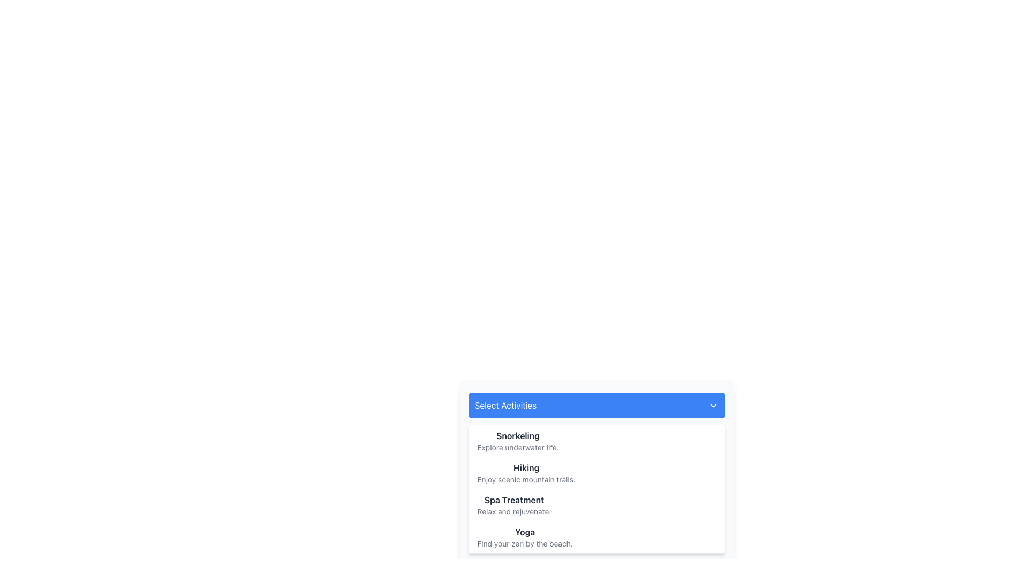  What do you see at coordinates (596, 441) in the screenshot?
I see `the first dropdown option labeled 'Snorkeling'` at bounding box center [596, 441].